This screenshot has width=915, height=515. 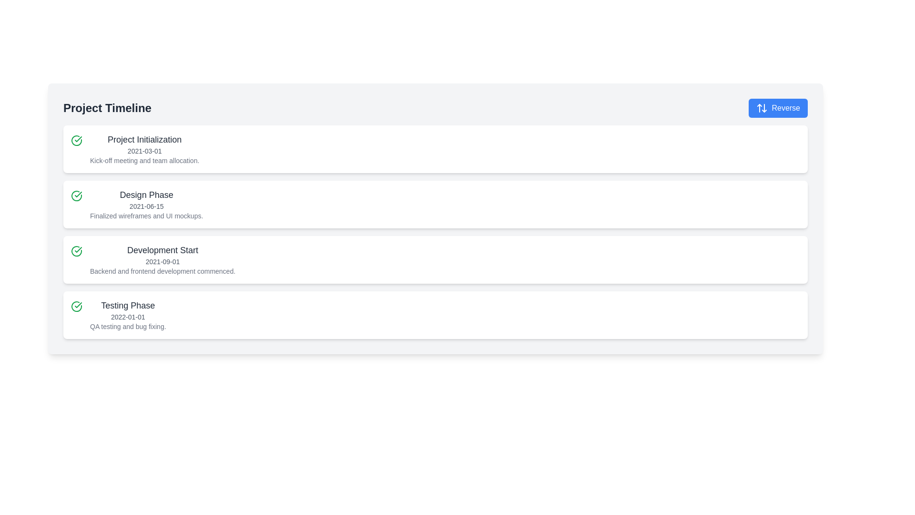 I want to click on the text segment displaying 'Finalized wireframes and UI mockups.' located below the date '2021-06-15' in the 'Design Phase' section, so click(x=146, y=216).